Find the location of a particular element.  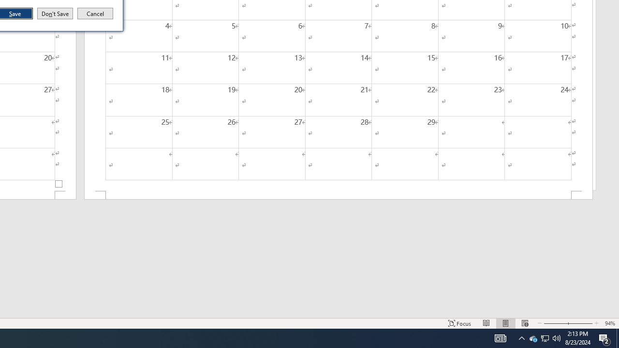

'Read Mode' is located at coordinates (486, 323).